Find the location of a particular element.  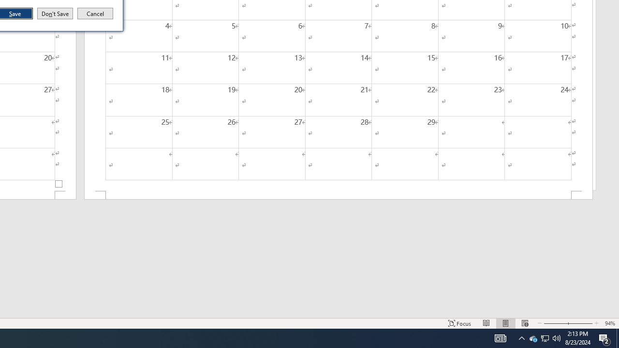

'Read Mode' is located at coordinates (486, 323).